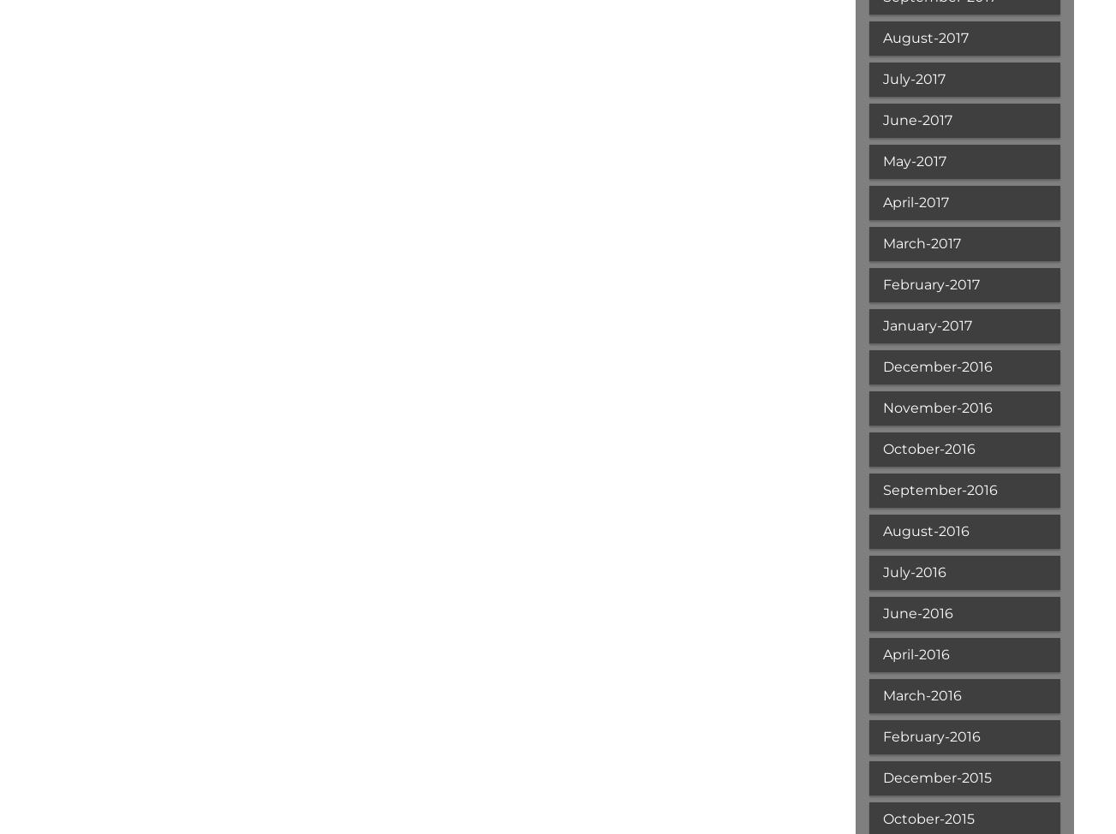  Describe the element at coordinates (914, 202) in the screenshot. I see `'April-2017'` at that location.